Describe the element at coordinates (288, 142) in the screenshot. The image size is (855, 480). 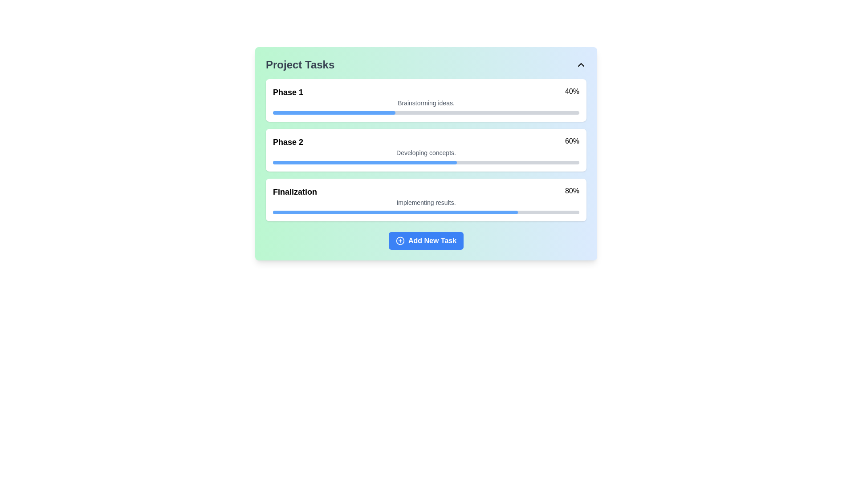
I see `the header text label that identifies the second phase of the project tasks, located above the blue progress bar and to the left of the '60%' percentage value` at that location.